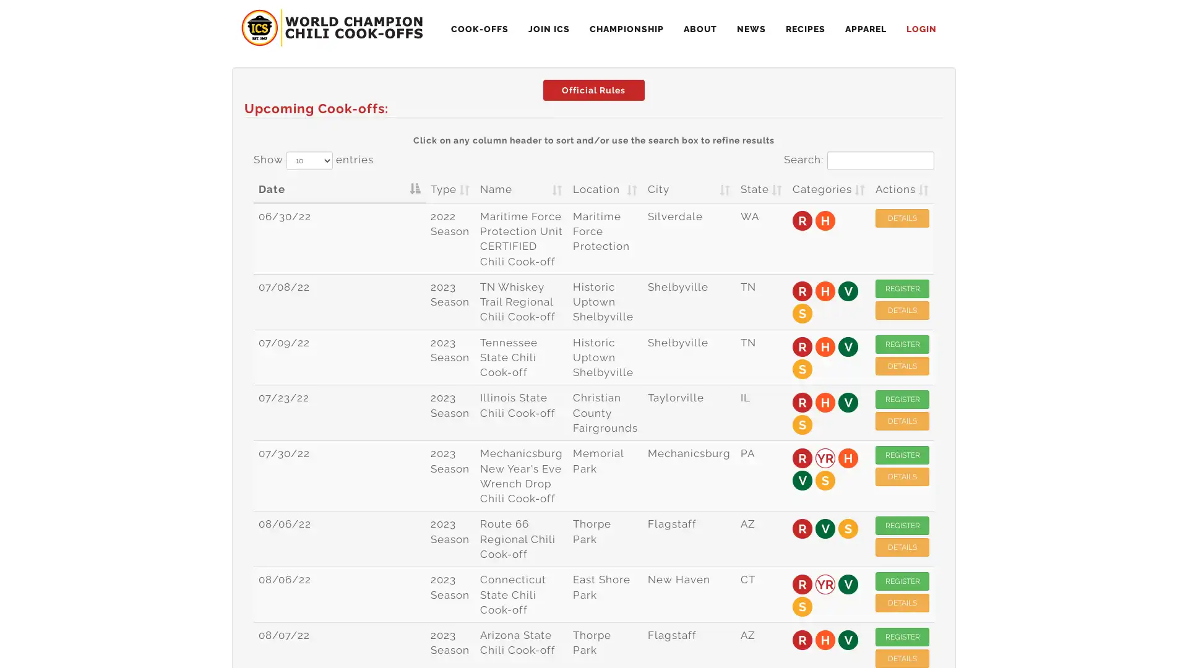 The width and height of the screenshot is (1188, 668). I want to click on REGISTER, so click(902, 288).